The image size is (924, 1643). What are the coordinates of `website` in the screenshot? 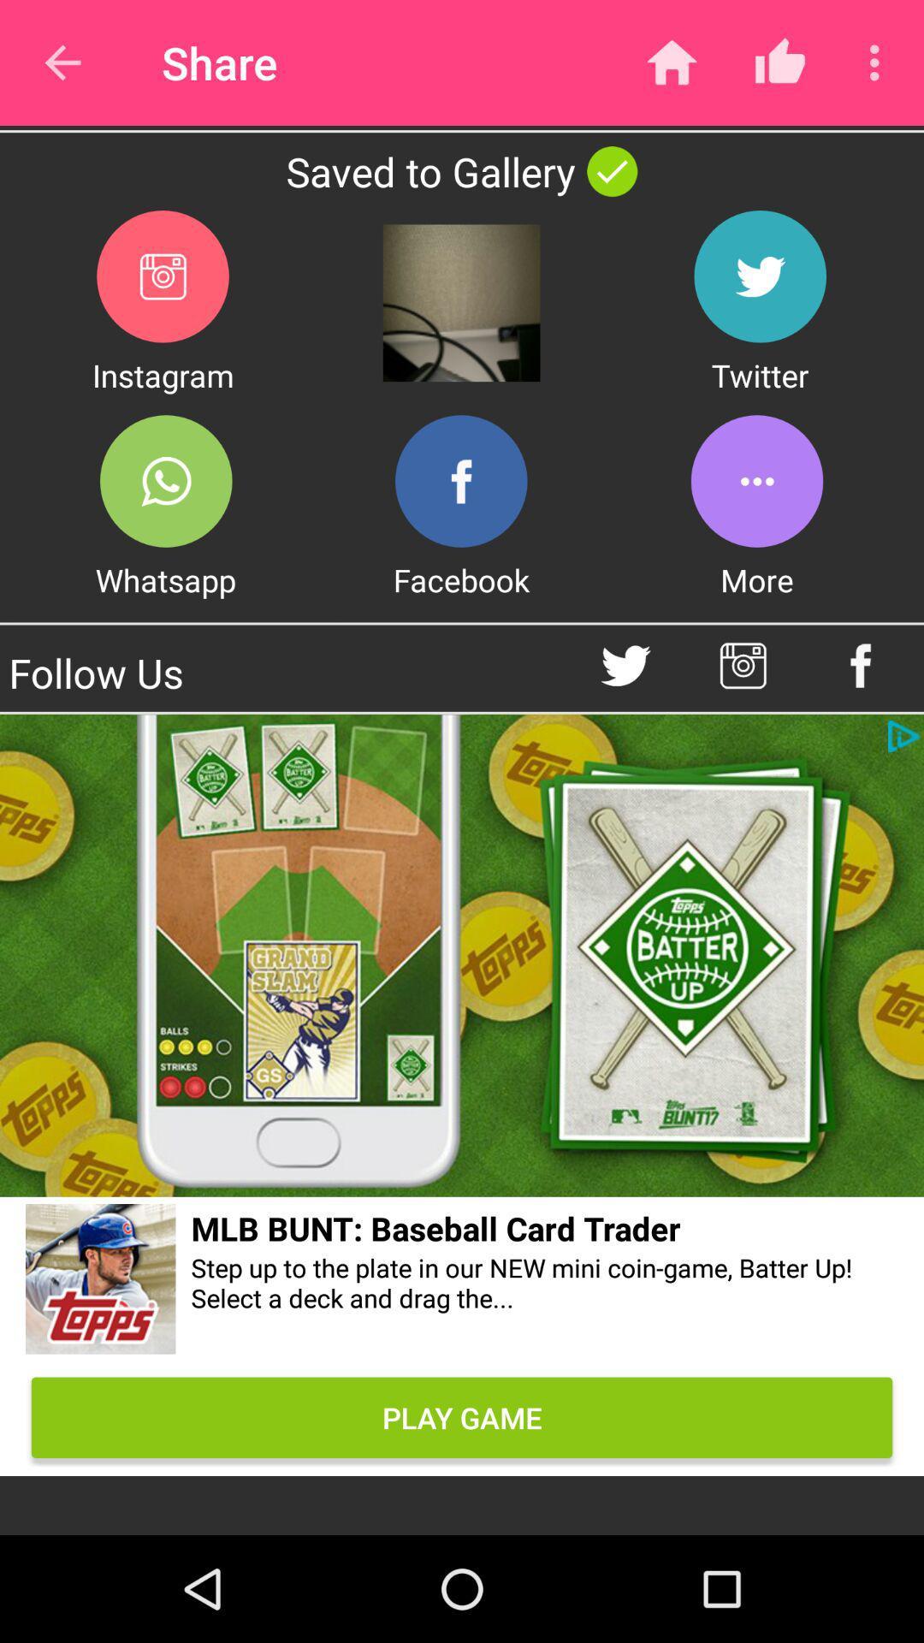 It's located at (101, 1282).